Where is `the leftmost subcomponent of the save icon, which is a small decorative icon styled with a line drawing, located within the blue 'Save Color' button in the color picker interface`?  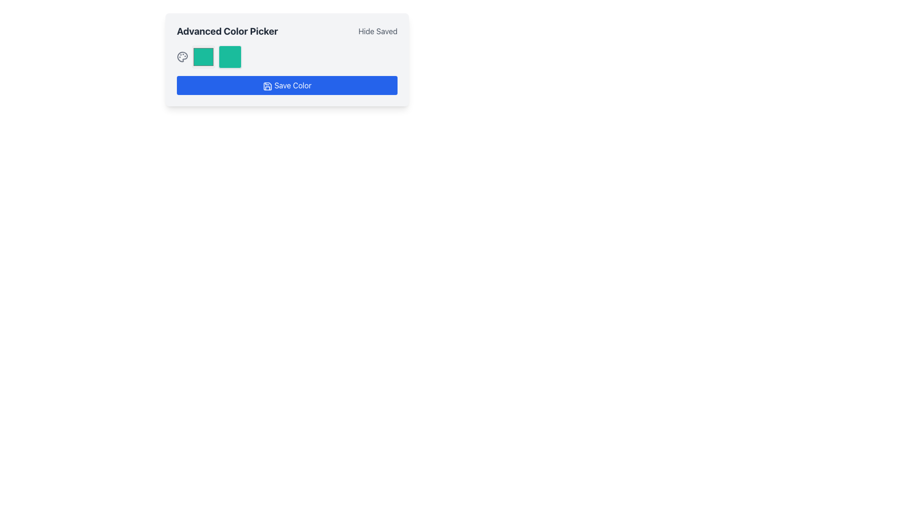 the leftmost subcomponent of the save icon, which is a small decorative icon styled with a line drawing, located within the blue 'Save Color' button in the color picker interface is located at coordinates (267, 86).